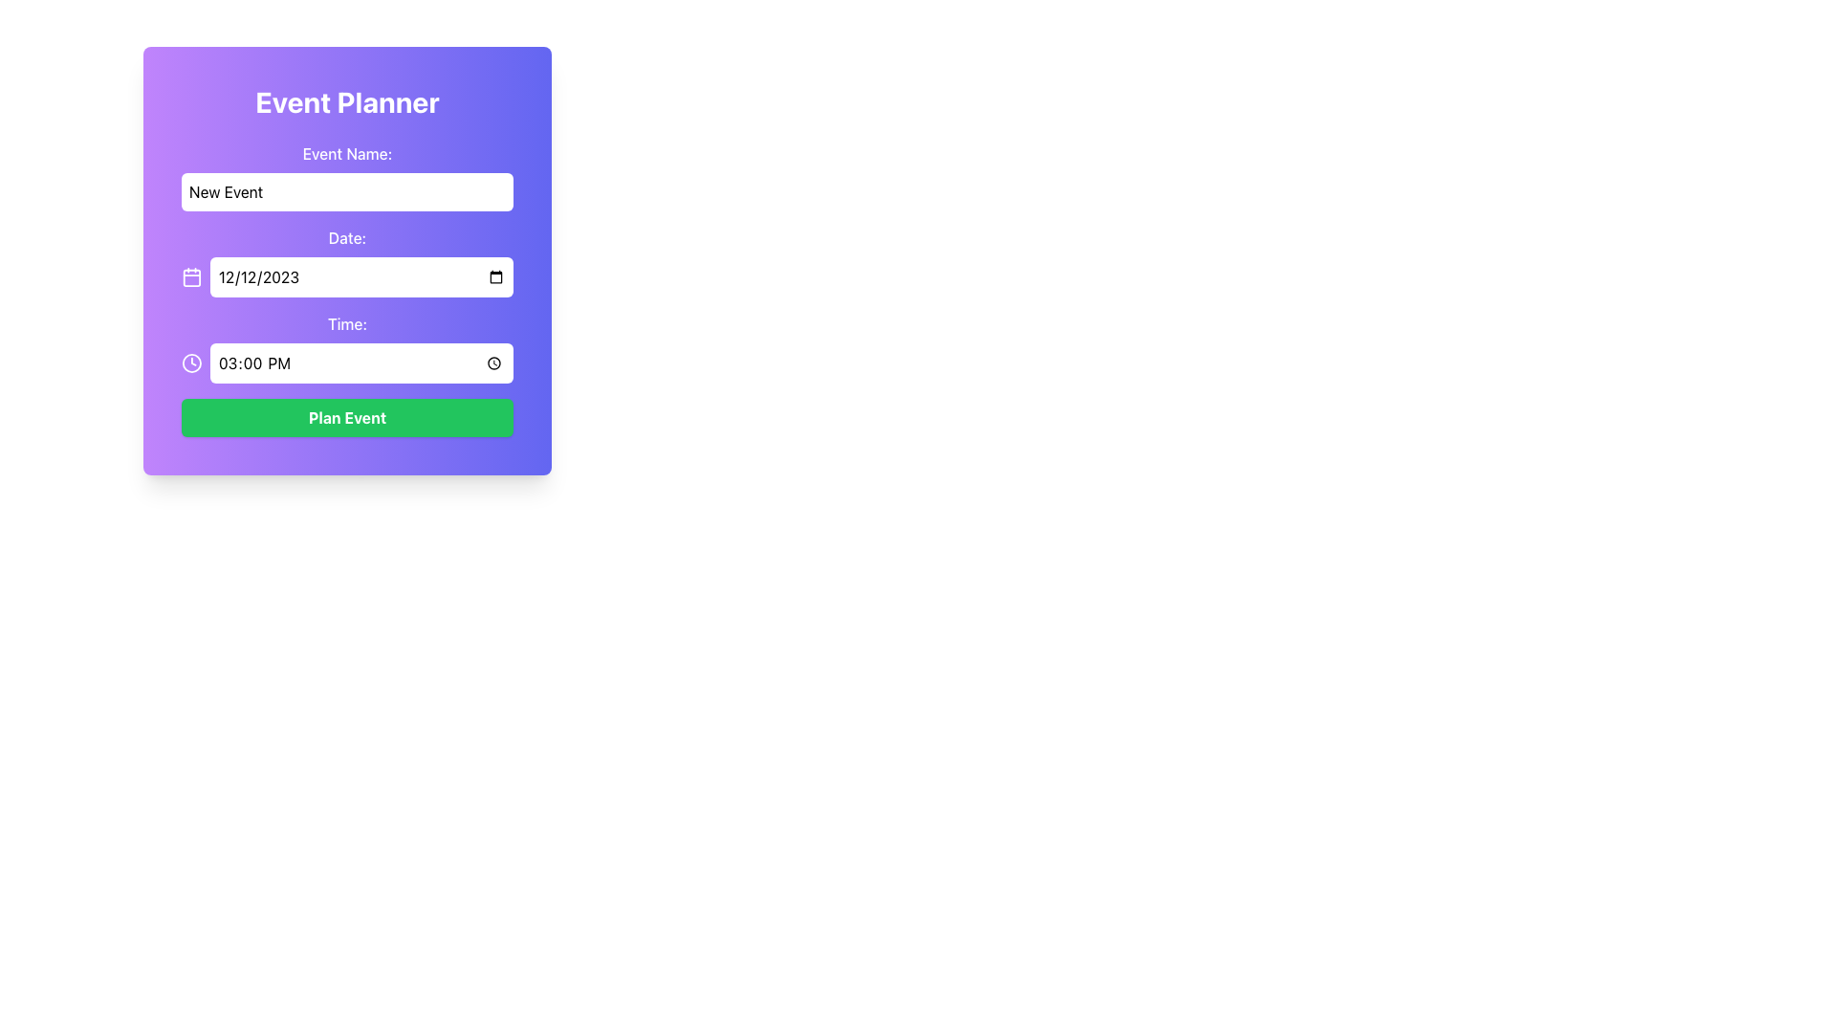  What do you see at coordinates (191, 363) in the screenshot?
I see `the clock icon located to the left of the 'Time' input field in the event planner form` at bounding box center [191, 363].